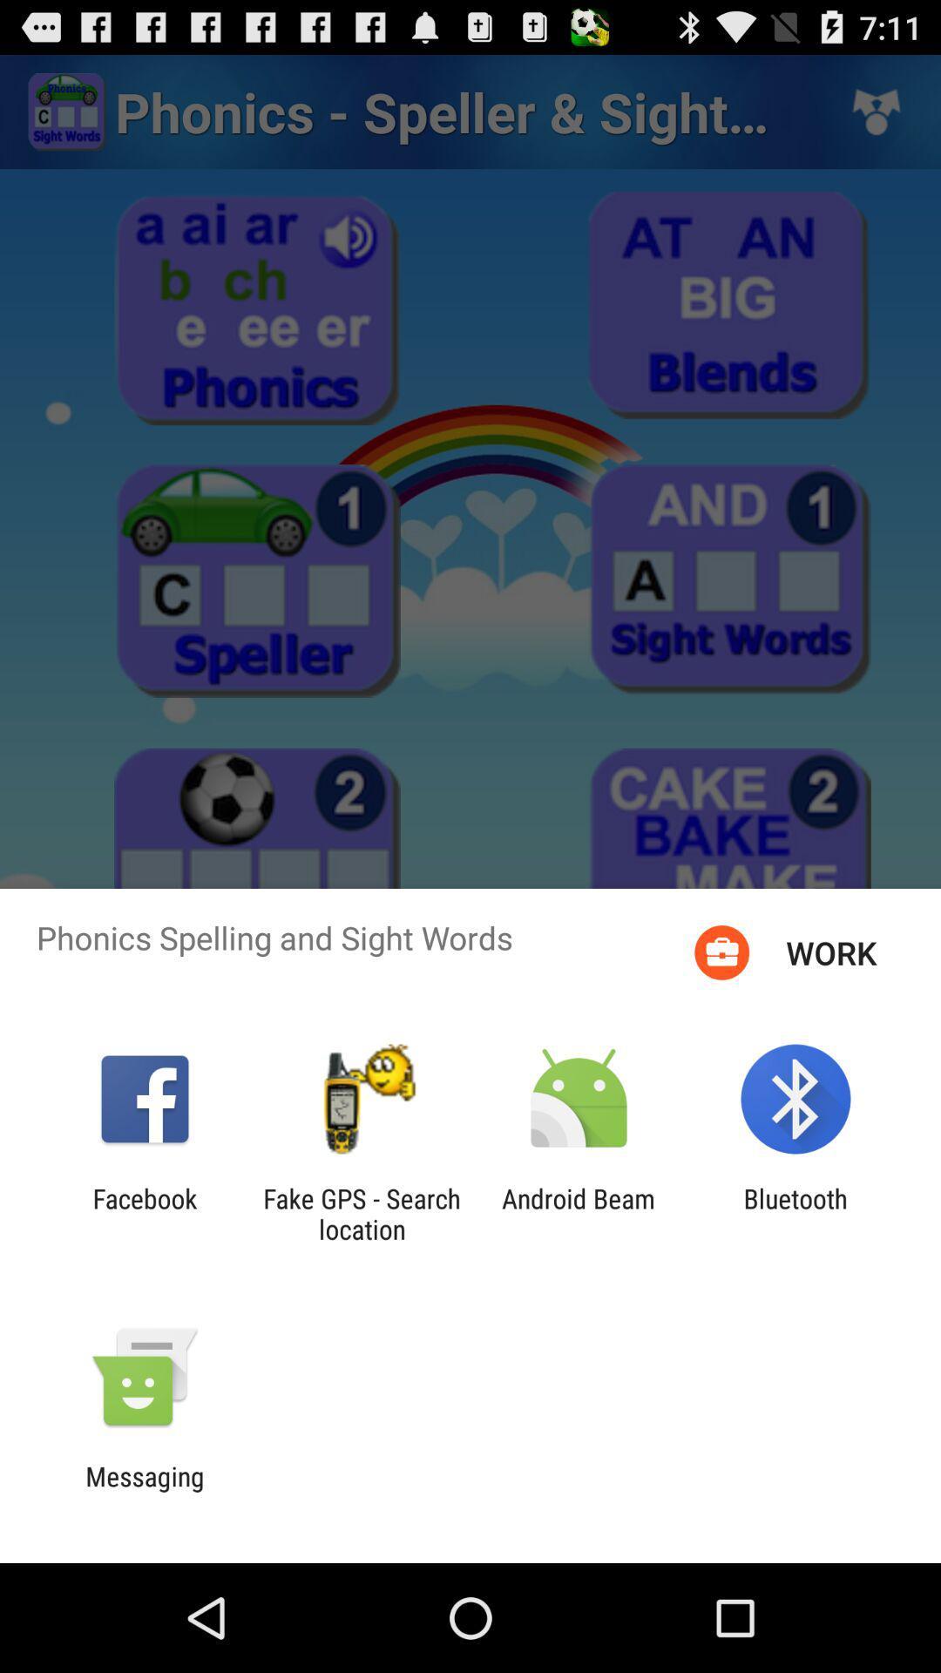 The width and height of the screenshot is (941, 1673). Describe the element at coordinates (579, 1213) in the screenshot. I see `the app to the left of bluetooth app` at that location.